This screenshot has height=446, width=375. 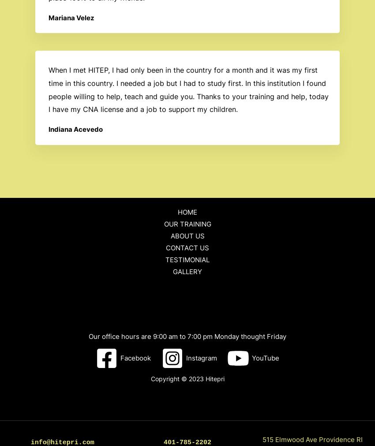 What do you see at coordinates (265, 358) in the screenshot?
I see `'YouTube'` at bounding box center [265, 358].